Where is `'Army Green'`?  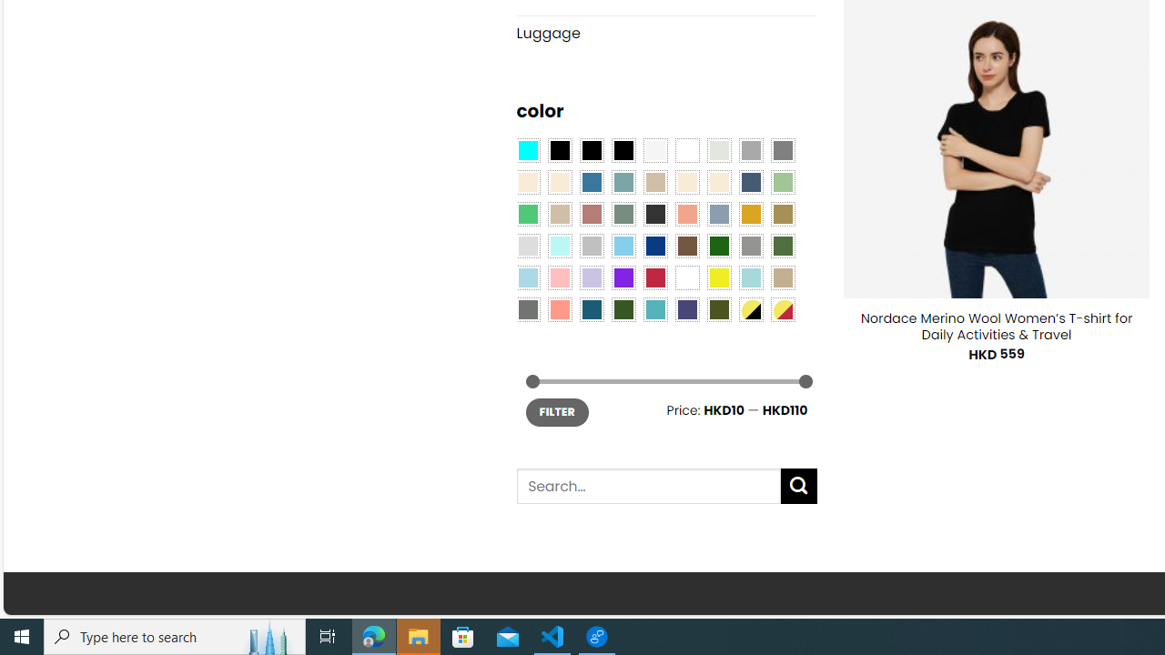
'Army Green' is located at coordinates (717, 307).